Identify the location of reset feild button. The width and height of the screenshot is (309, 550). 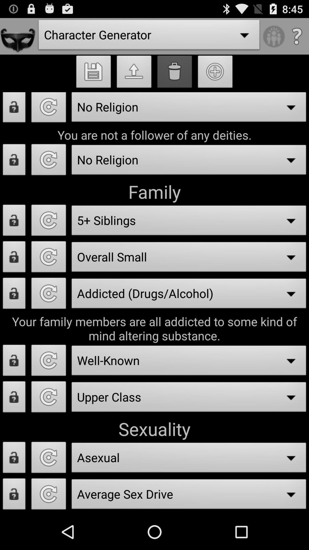
(48, 362).